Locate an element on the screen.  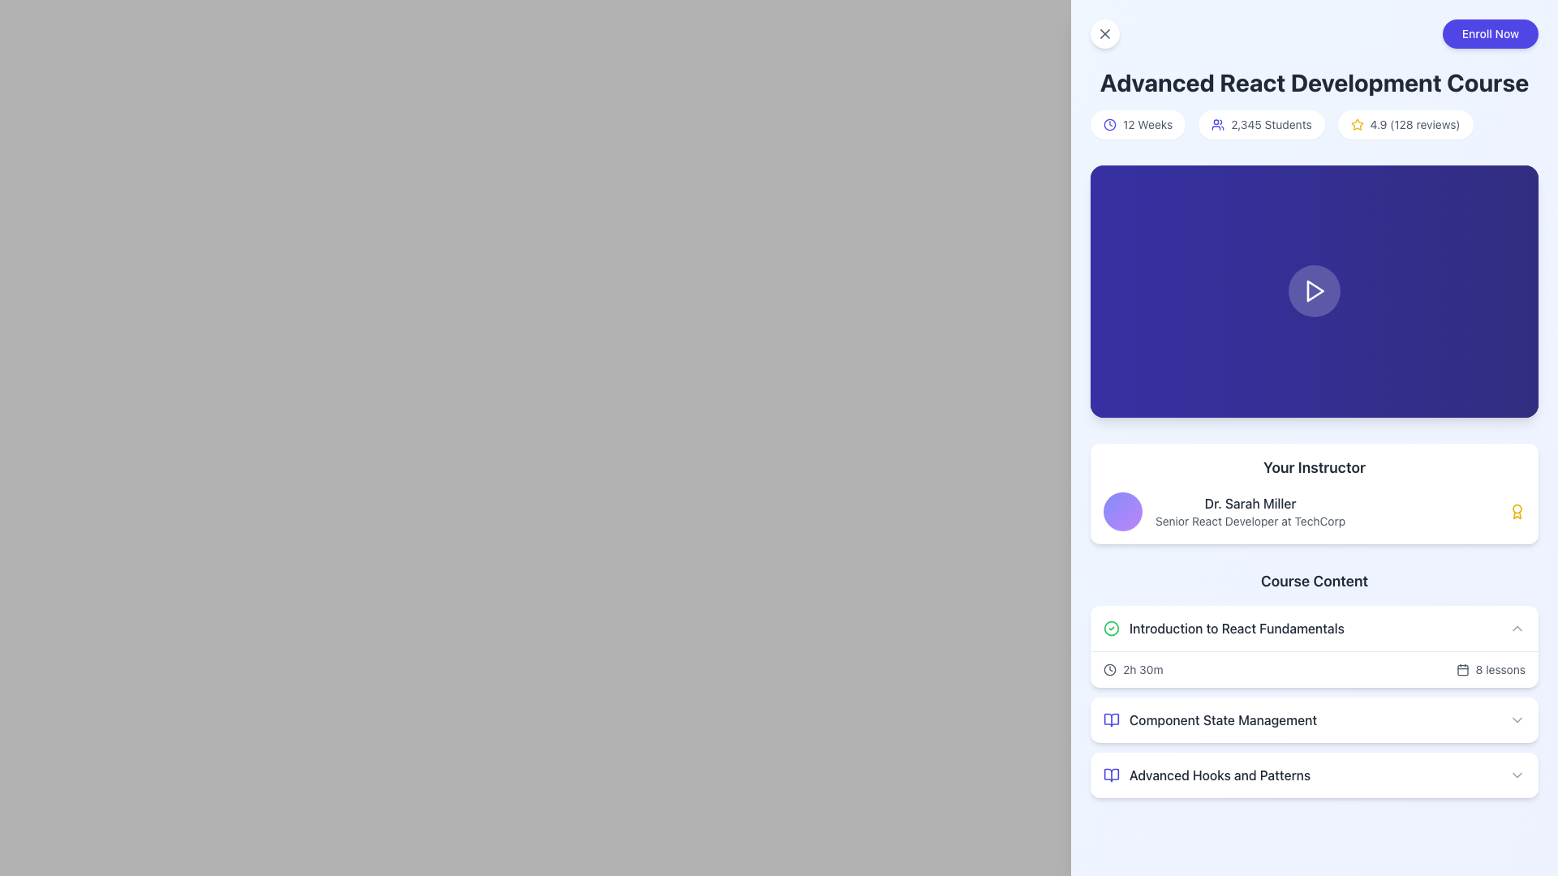
the circular SVG element that represents the clock icon in the 'Your Instructor' section is located at coordinates (1109, 669).